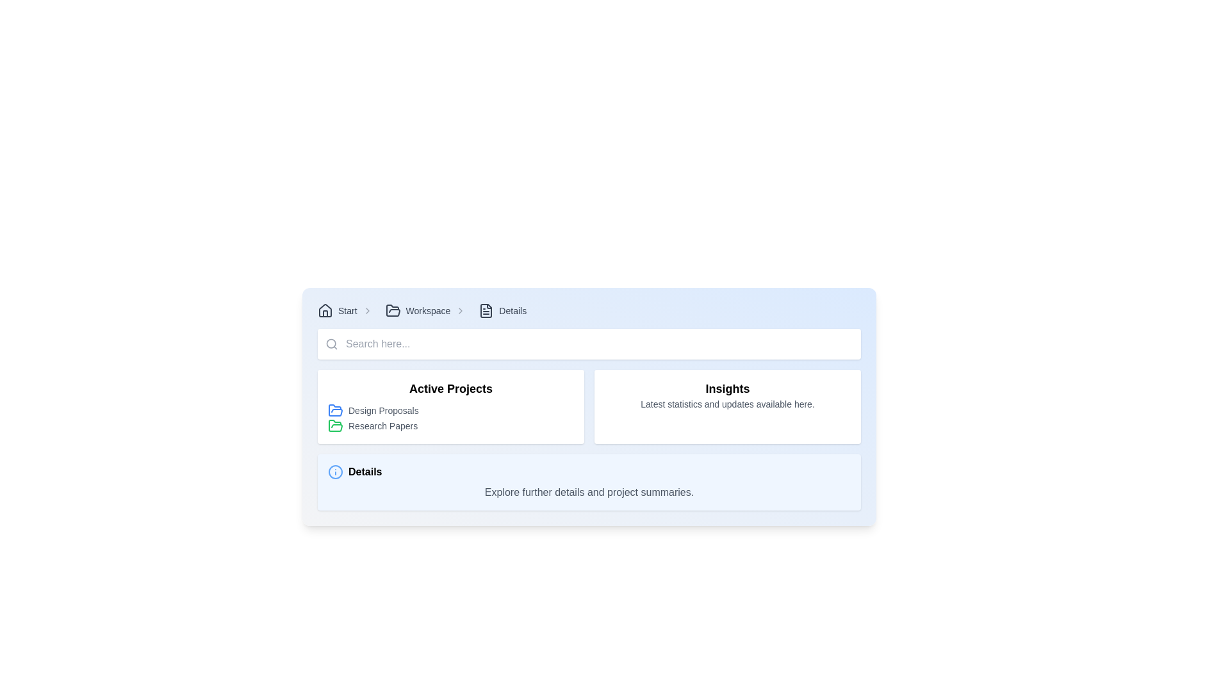  What do you see at coordinates (589, 311) in the screenshot?
I see `a breadcrumb item in the breadcrumb navigation bar located at the top of the main content section` at bounding box center [589, 311].